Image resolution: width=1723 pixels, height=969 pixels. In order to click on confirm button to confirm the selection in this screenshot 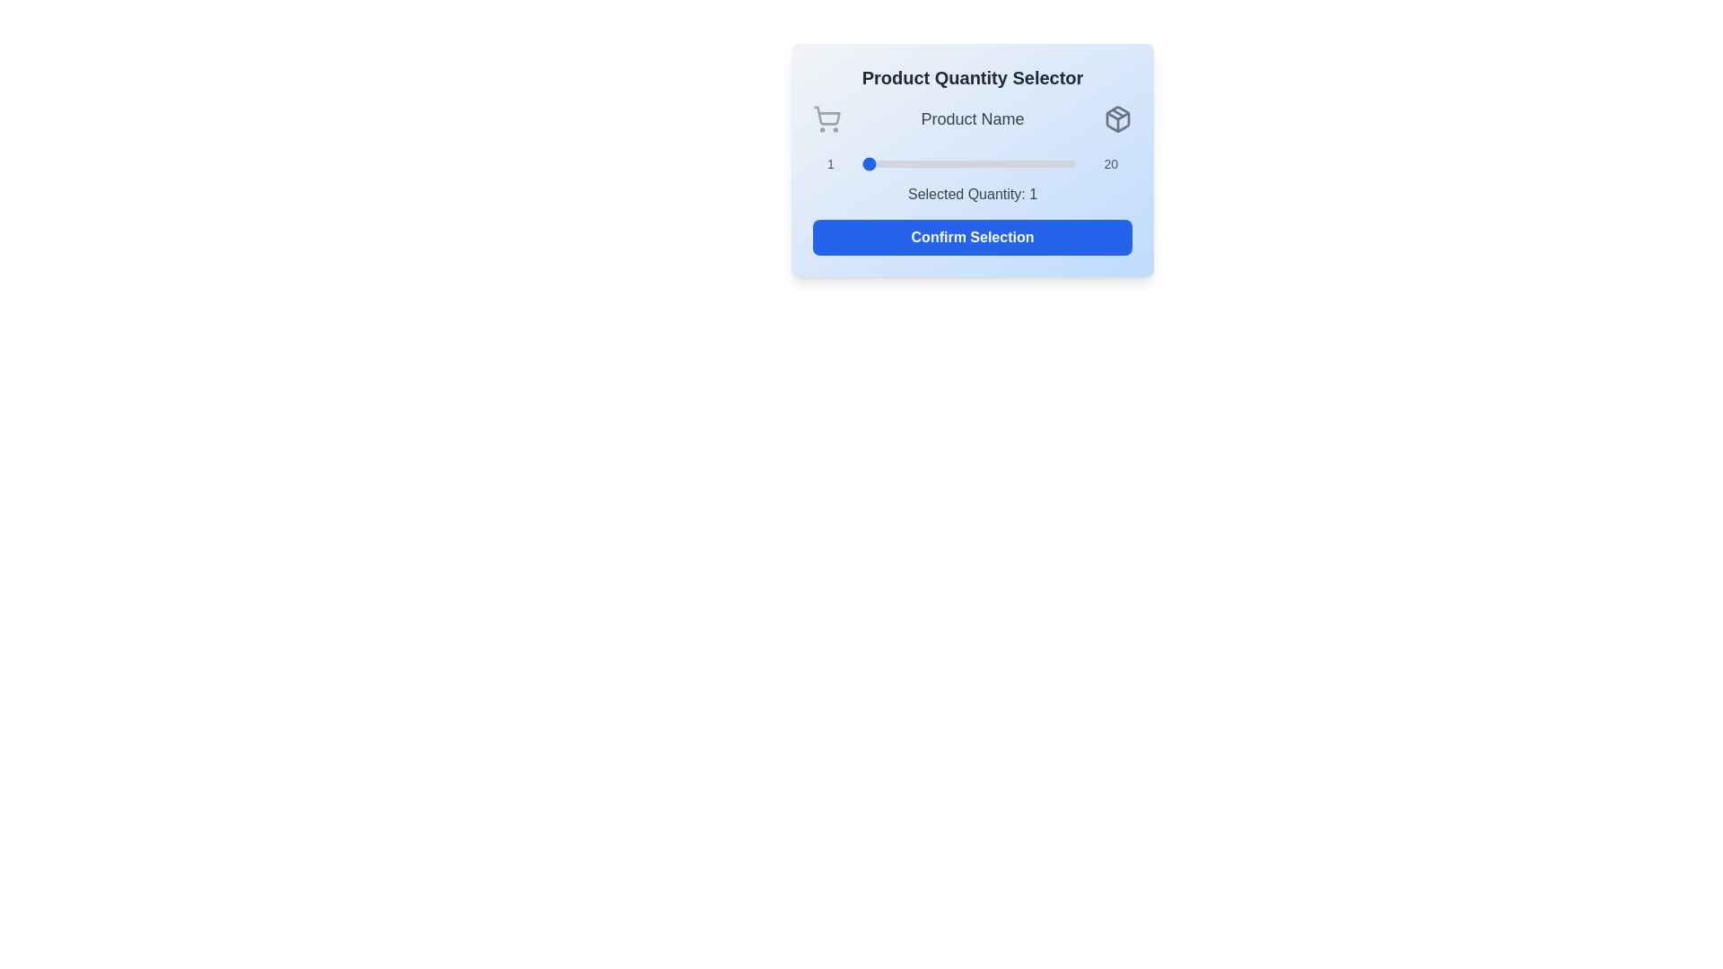, I will do `click(972, 237)`.